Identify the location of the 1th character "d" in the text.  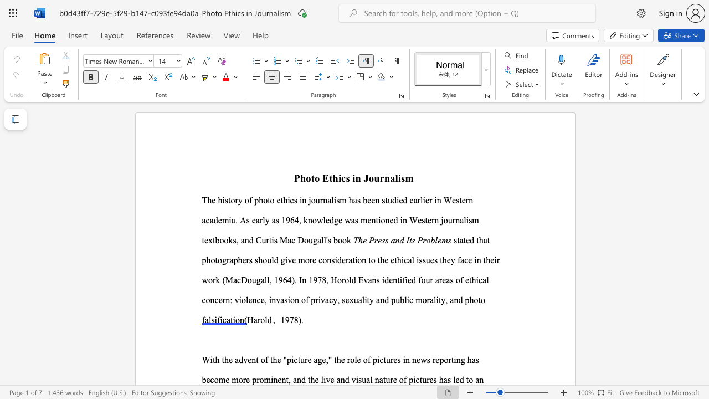
(269, 320).